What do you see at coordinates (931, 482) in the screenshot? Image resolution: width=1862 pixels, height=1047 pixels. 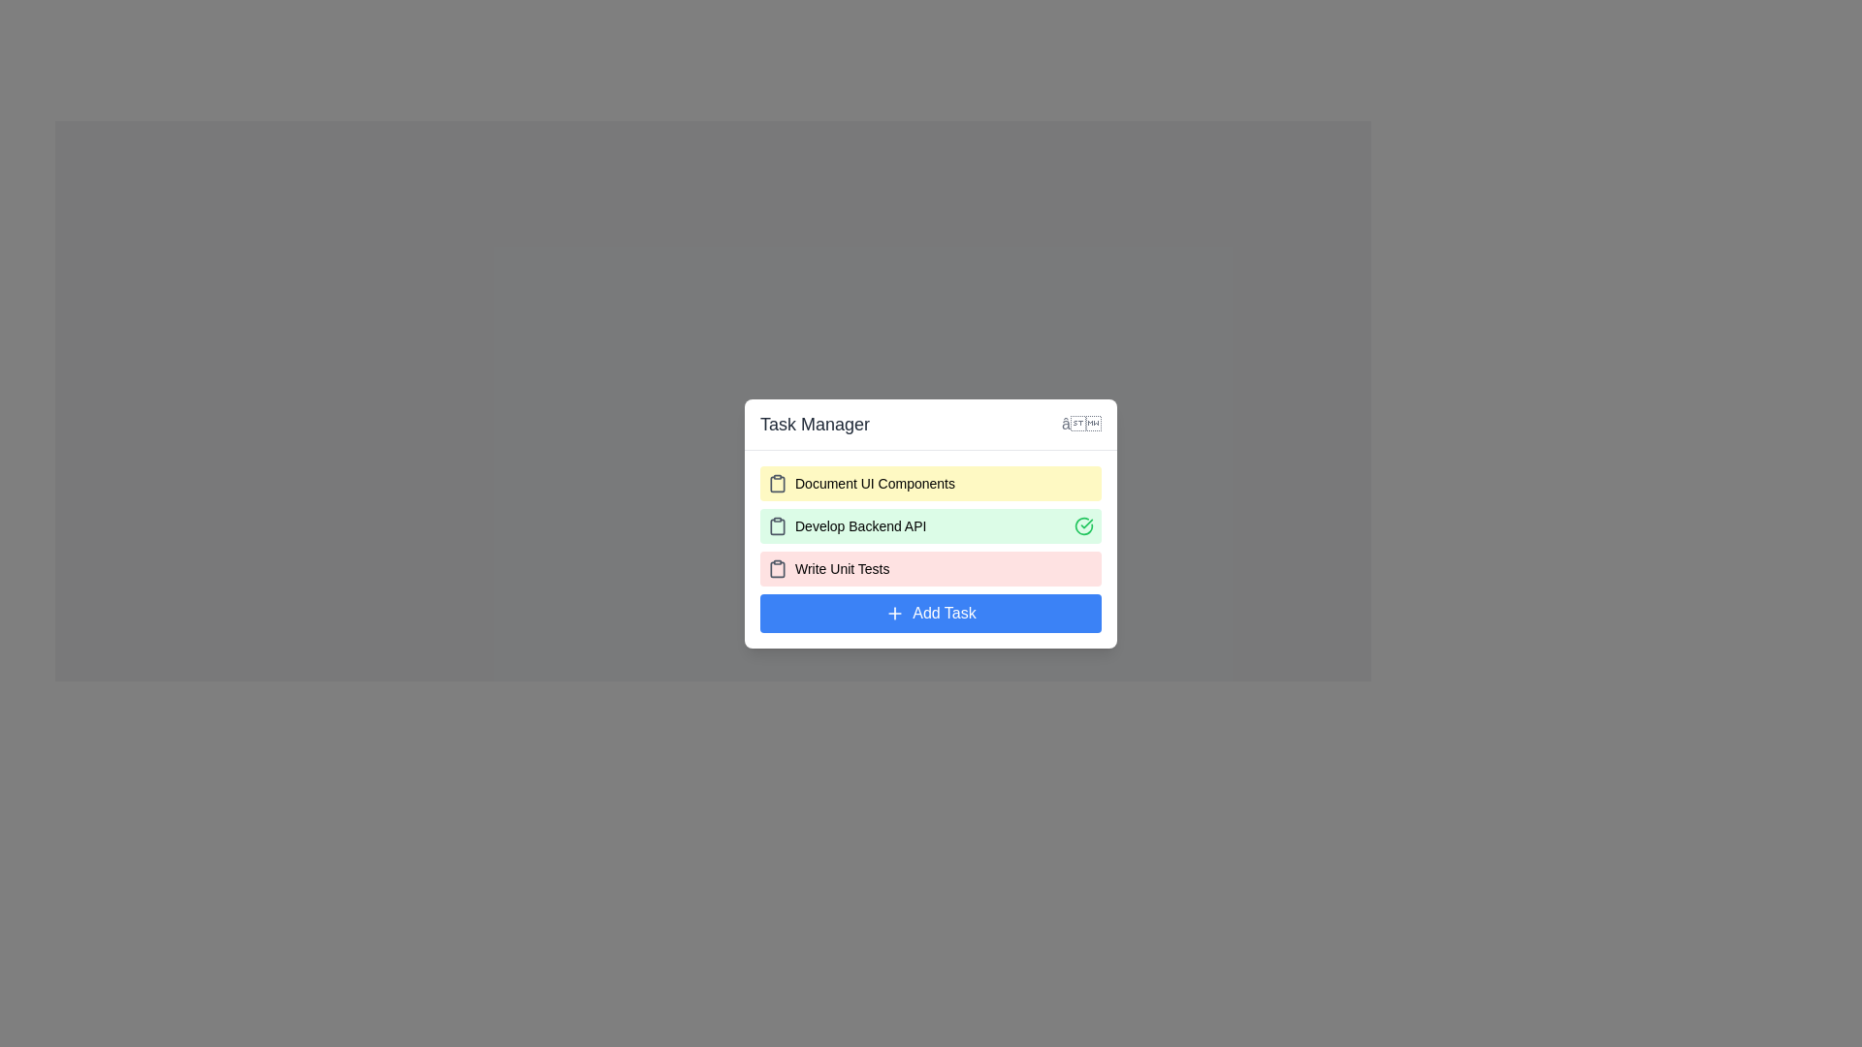 I see `the list item with a yellow background containing the text 'Document UI Components'` at bounding box center [931, 482].